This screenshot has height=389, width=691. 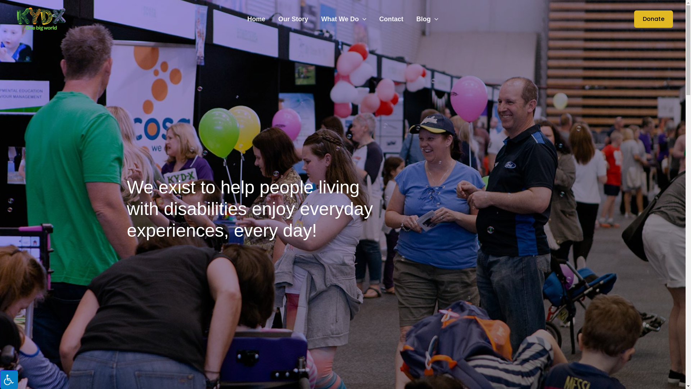 I want to click on 'Blog', so click(x=427, y=19).